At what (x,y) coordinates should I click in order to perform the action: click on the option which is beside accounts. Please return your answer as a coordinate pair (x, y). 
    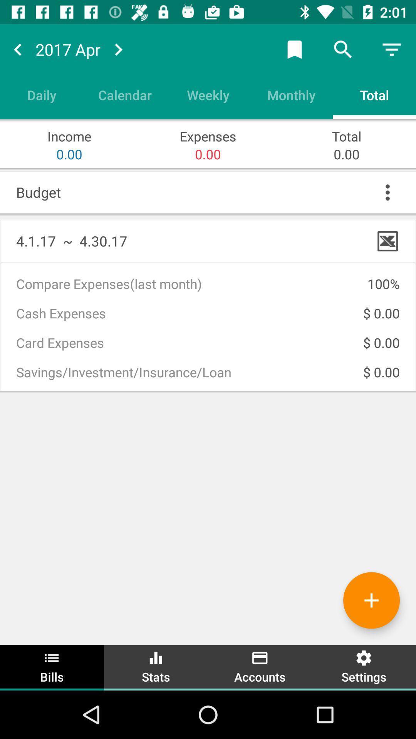
    Looking at the image, I should click on (364, 666).